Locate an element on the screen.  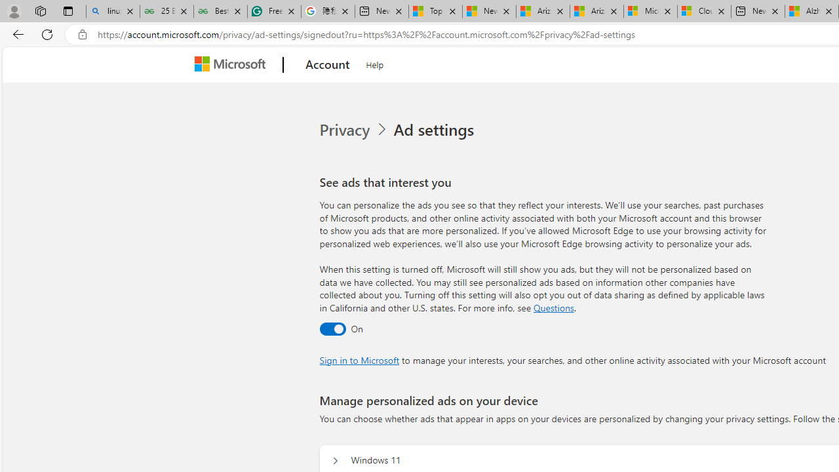
'Sign in to Microsoft' is located at coordinates (359, 360).